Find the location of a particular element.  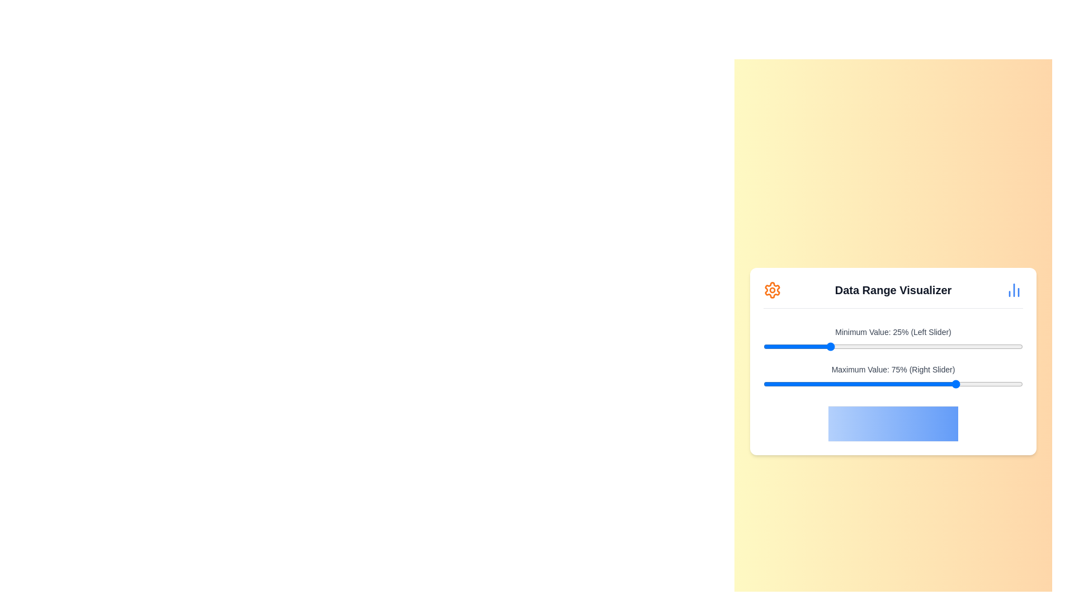

the left slider is located at coordinates (903, 346).